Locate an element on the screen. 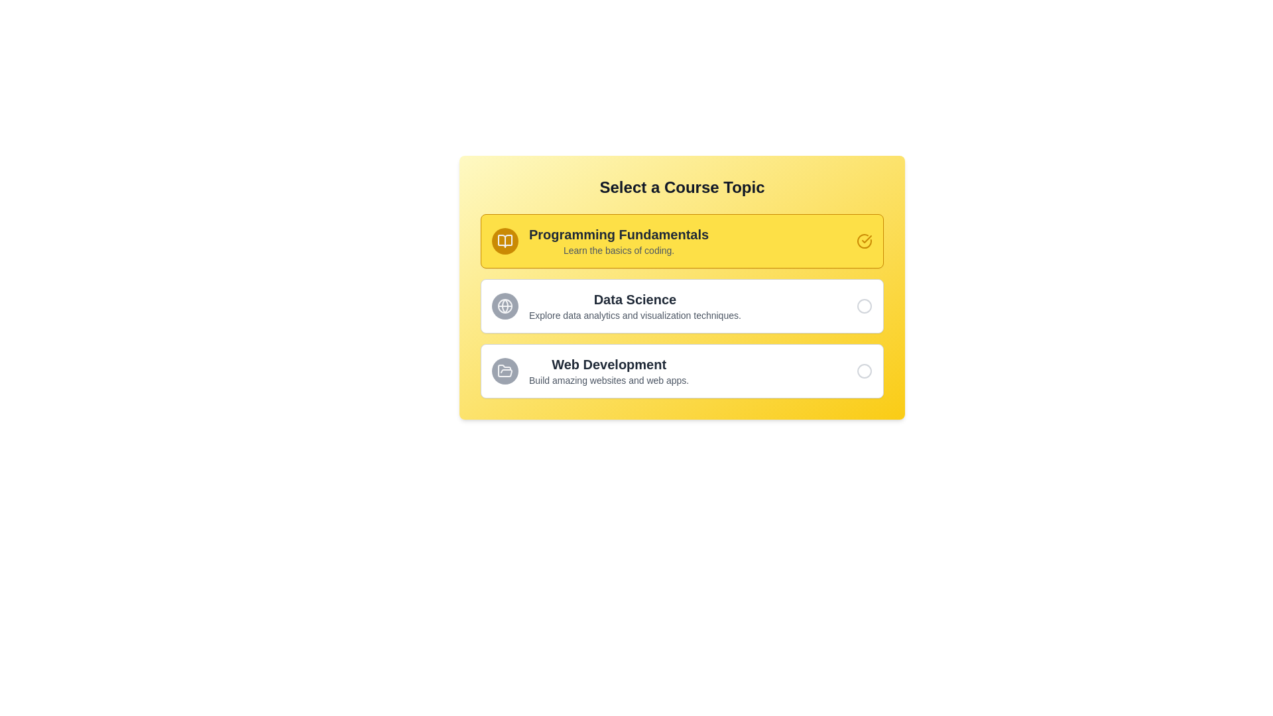 This screenshot has width=1273, height=716. the radio button for the 'Data Science' course topic located in the second card option, positioned slightly above the card's vertical centerline is located at coordinates (865, 306).